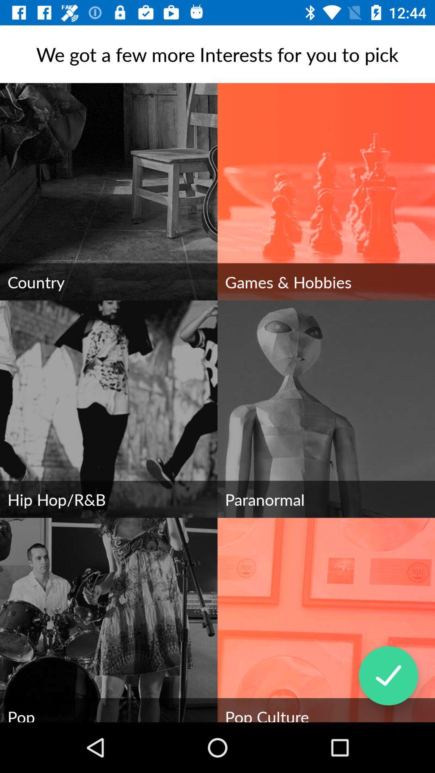 This screenshot has height=773, width=435. What do you see at coordinates (388, 676) in the screenshot?
I see `the item above the pop culture item` at bounding box center [388, 676].